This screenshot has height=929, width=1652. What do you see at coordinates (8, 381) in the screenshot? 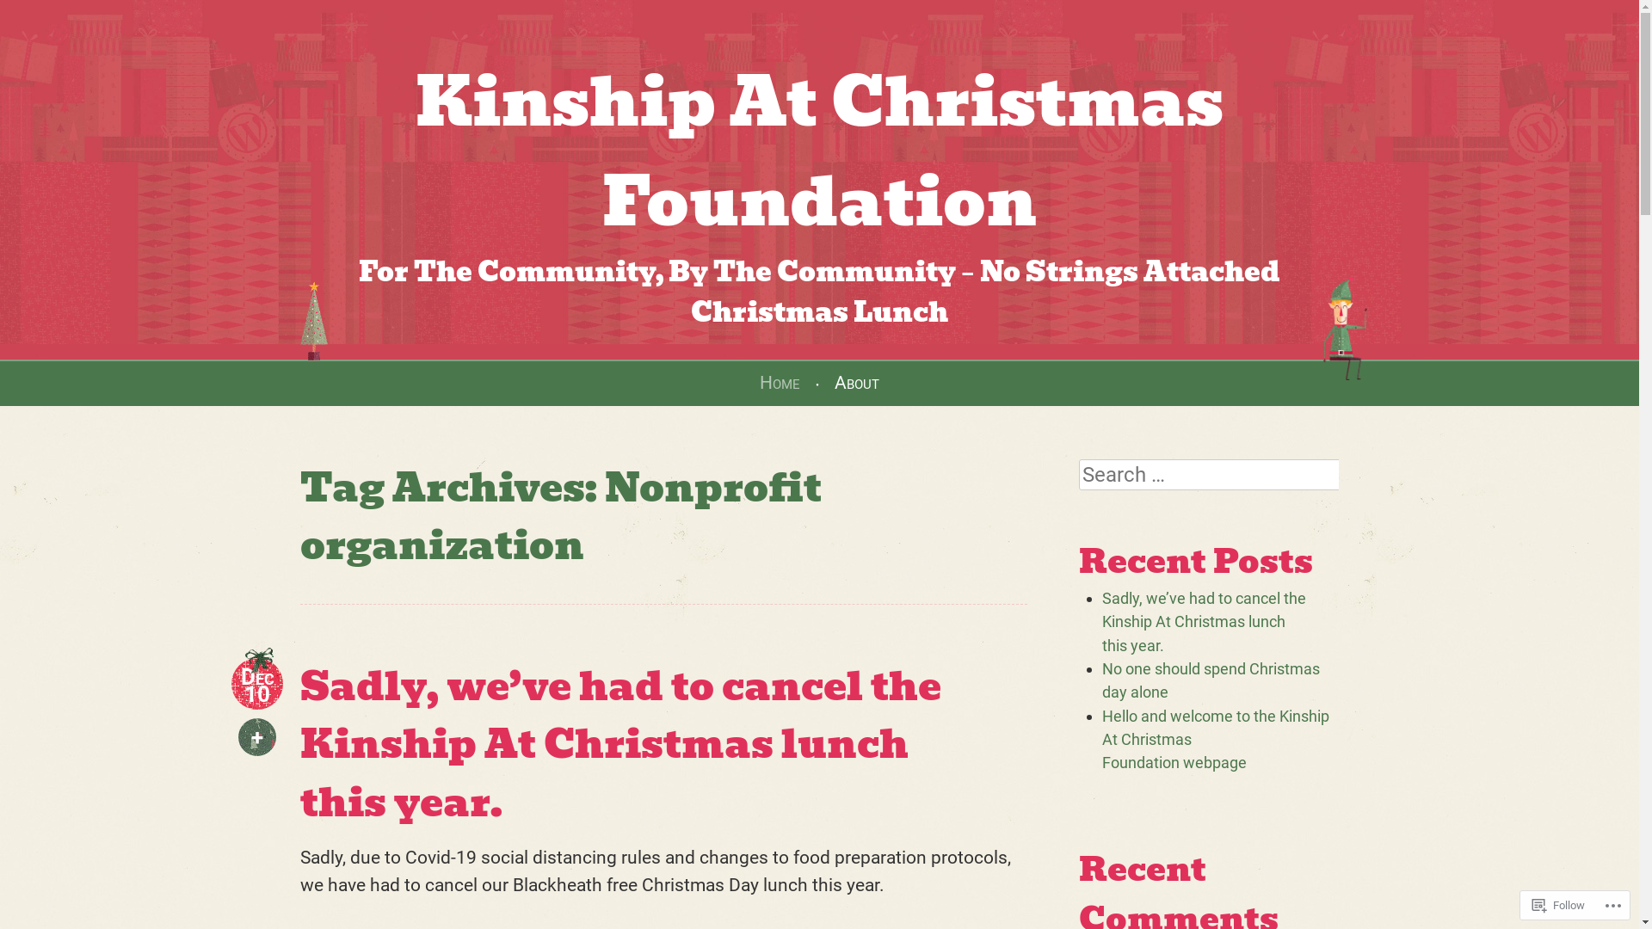
I see `'Skip to content'` at bounding box center [8, 381].